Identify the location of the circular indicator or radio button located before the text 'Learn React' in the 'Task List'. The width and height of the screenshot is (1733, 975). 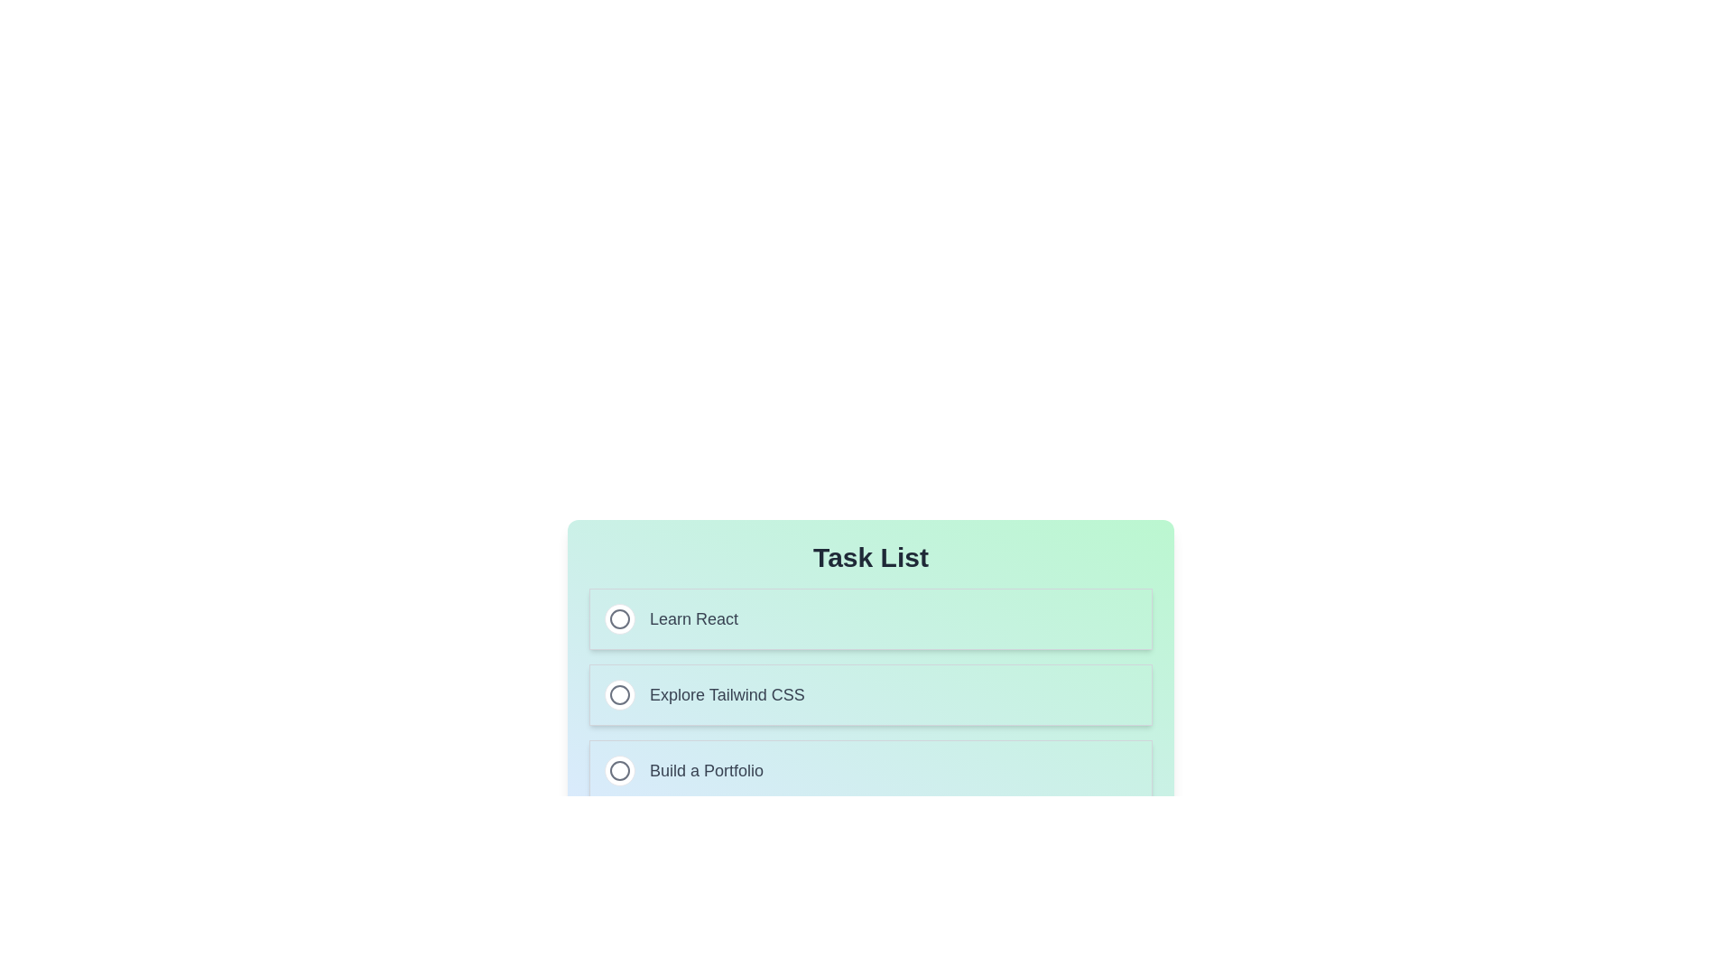
(619, 618).